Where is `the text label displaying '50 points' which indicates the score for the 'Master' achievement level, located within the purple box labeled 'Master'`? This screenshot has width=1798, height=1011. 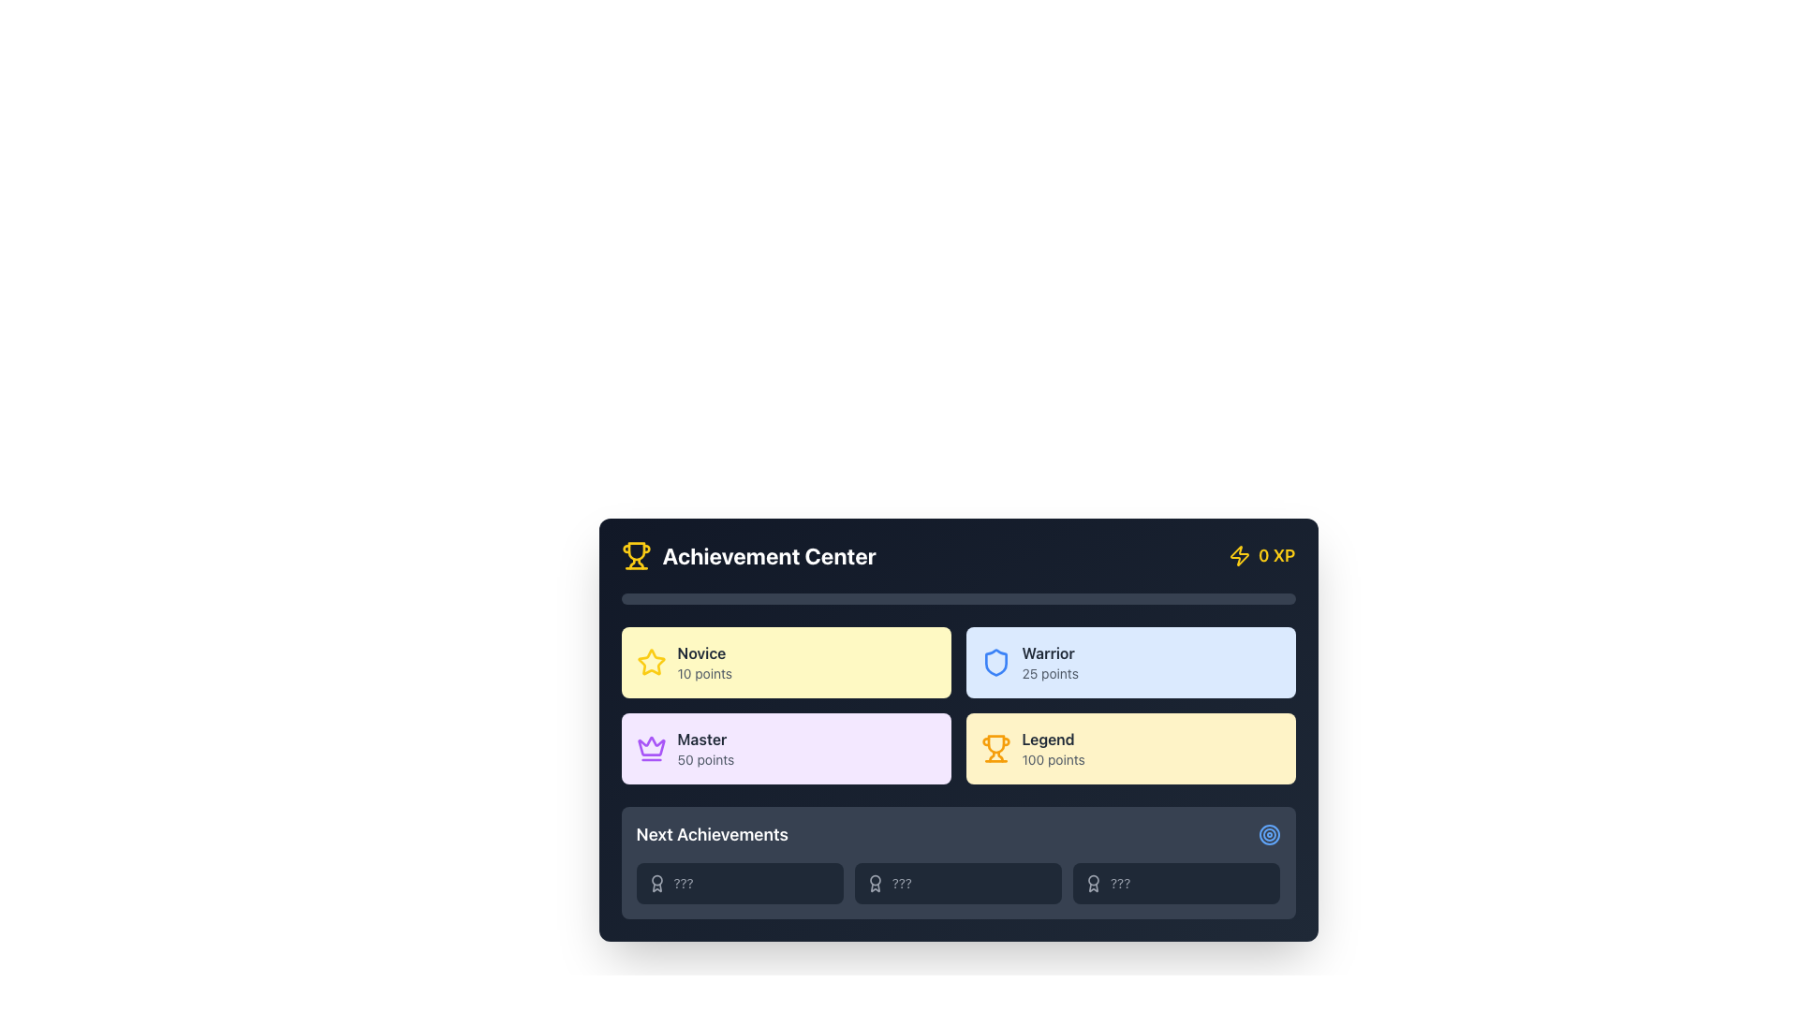 the text label displaying '50 points' which indicates the score for the 'Master' achievement level, located within the purple box labeled 'Master' is located at coordinates (704, 760).